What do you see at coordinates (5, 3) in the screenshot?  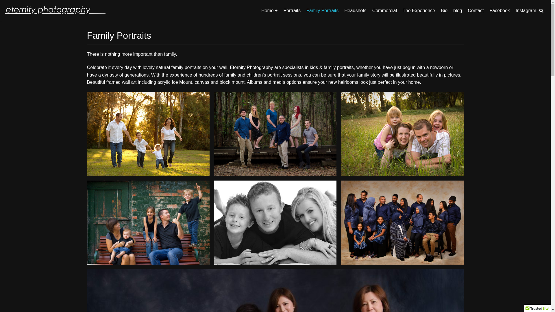 I see `'Skip to content'` at bounding box center [5, 3].